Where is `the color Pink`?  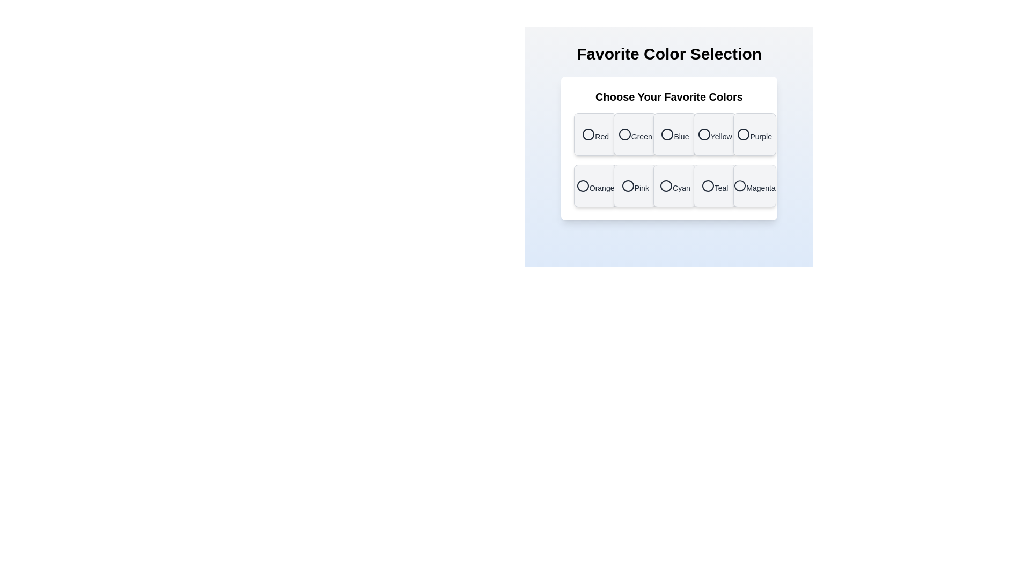
the color Pink is located at coordinates (635, 185).